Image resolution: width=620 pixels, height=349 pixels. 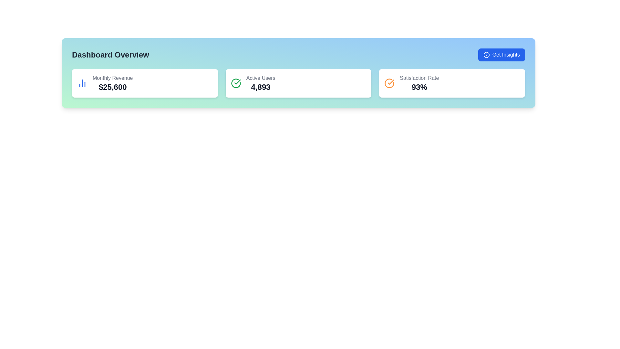 I want to click on the status indicator icon located to the left of the 'Active Users' text in the second card from the left on the dashboard, so click(x=237, y=82).